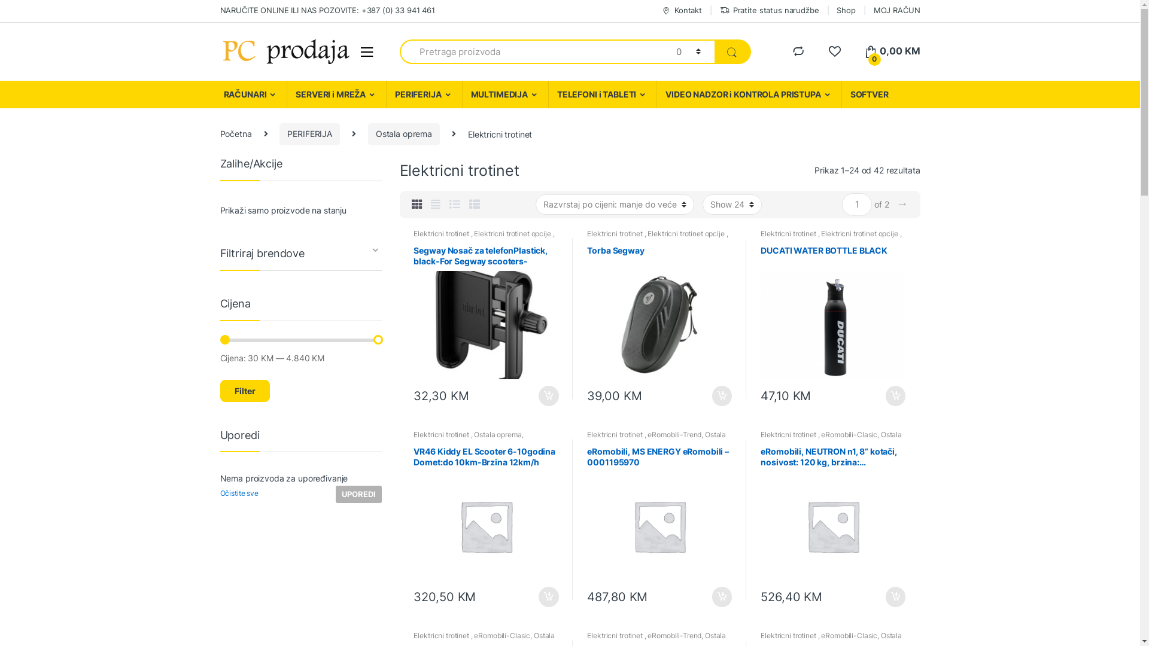 The height and width of the screenshot is (646, 1149). What do you see at coordinates (335, 494) in the screenshot?
I see `'UPOREDI'` at bounding box center [335, 494].